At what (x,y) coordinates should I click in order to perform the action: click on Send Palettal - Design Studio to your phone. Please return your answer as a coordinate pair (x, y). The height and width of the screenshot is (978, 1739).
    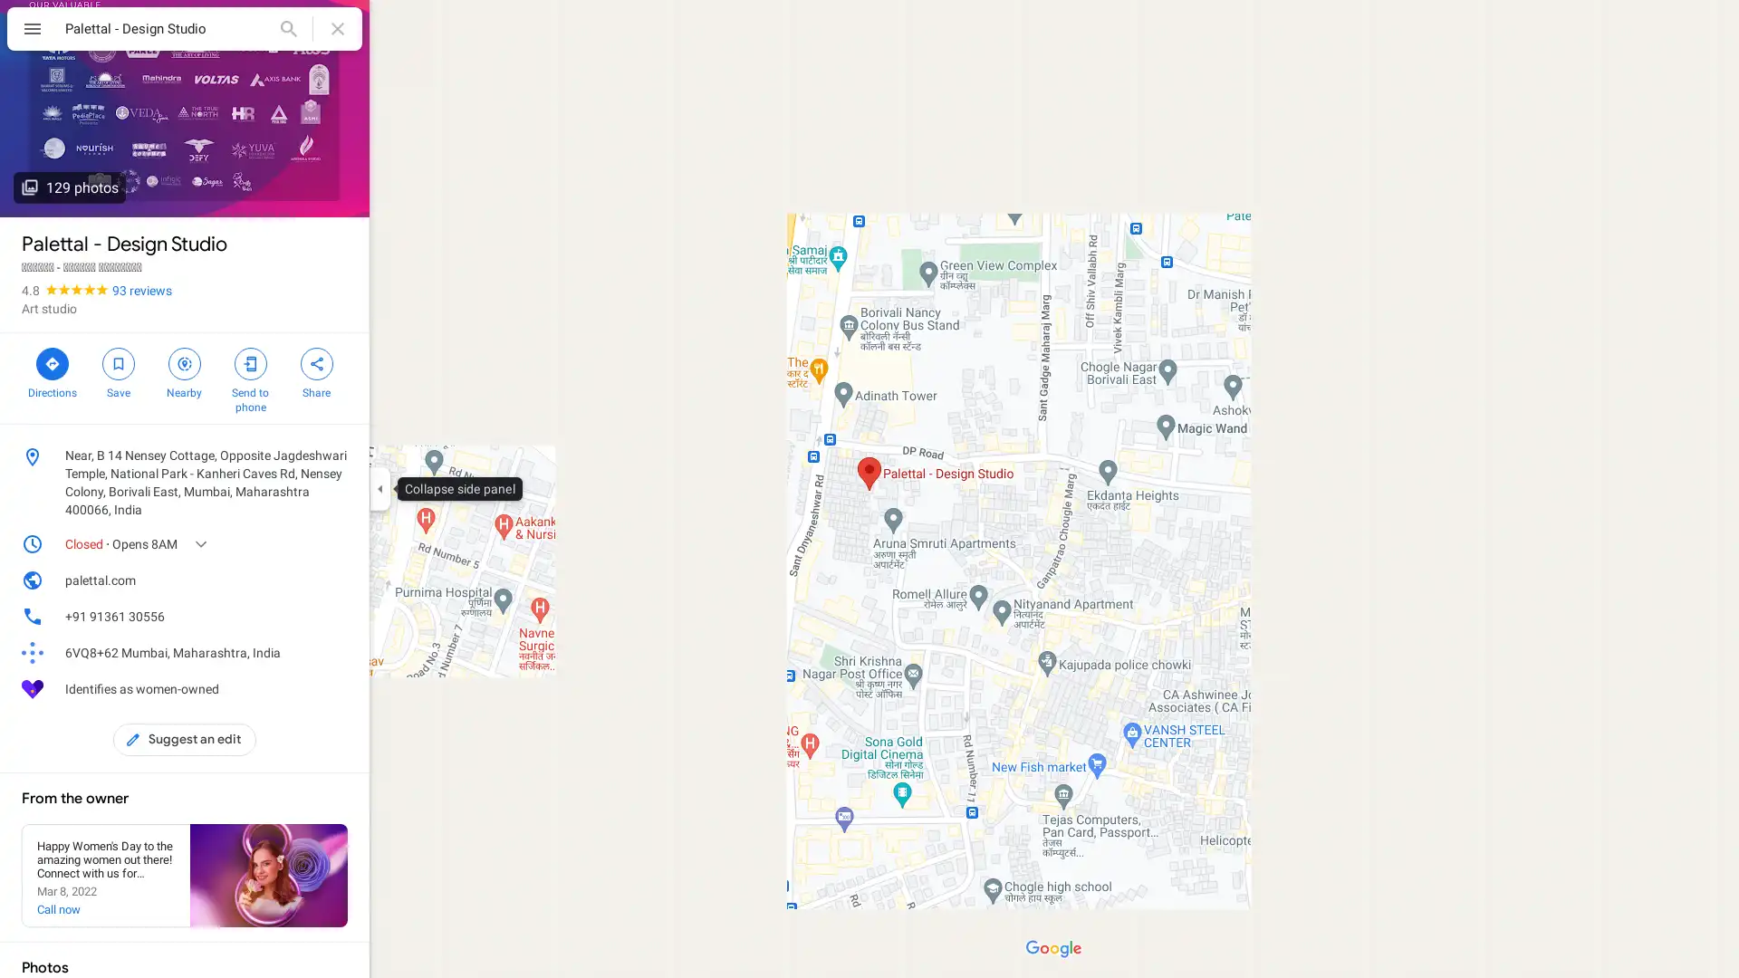
    Looking at the image, I should click on (249, 377).